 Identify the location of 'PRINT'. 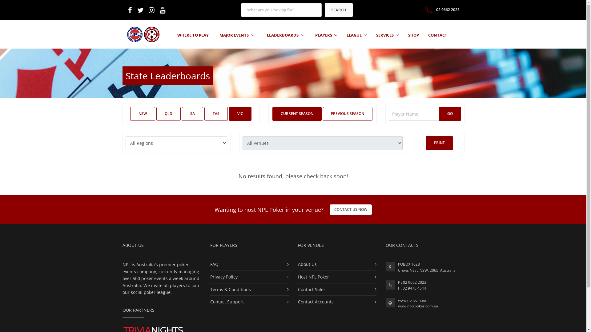
(439, 143).